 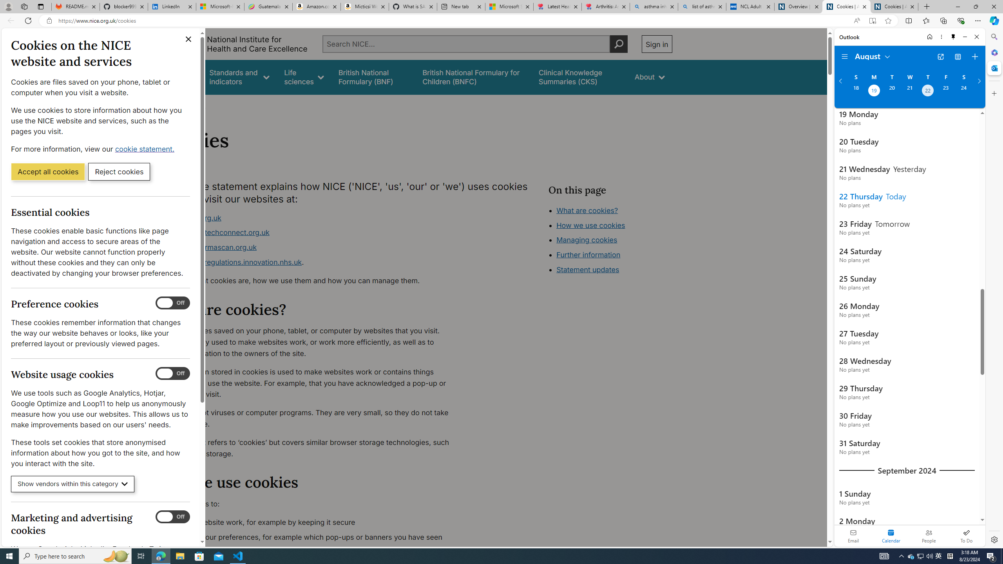 What do you see at coordinates (618, 43) in the screenshot?
I see `'Perform search'` at bounding box center [618, 43].